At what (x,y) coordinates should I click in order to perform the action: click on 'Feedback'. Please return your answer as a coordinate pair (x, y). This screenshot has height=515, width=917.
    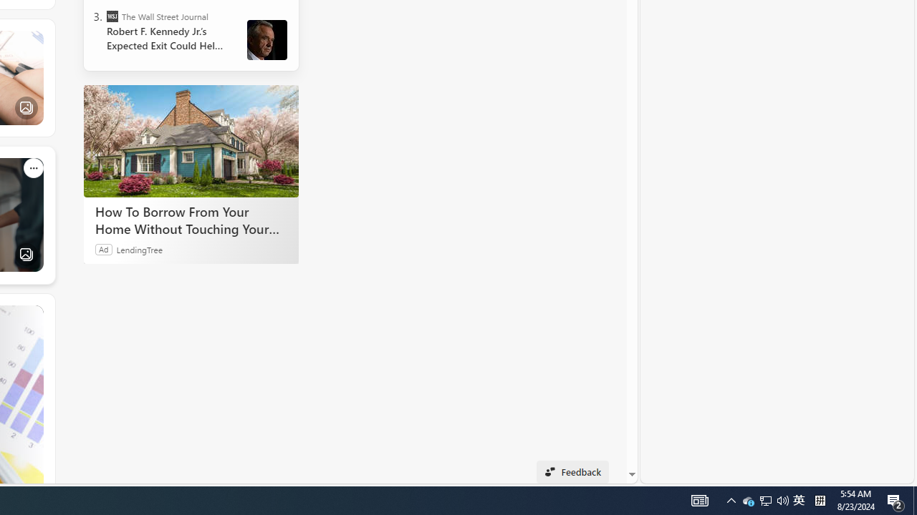
    Looking at the image, I should click on (572, 471).